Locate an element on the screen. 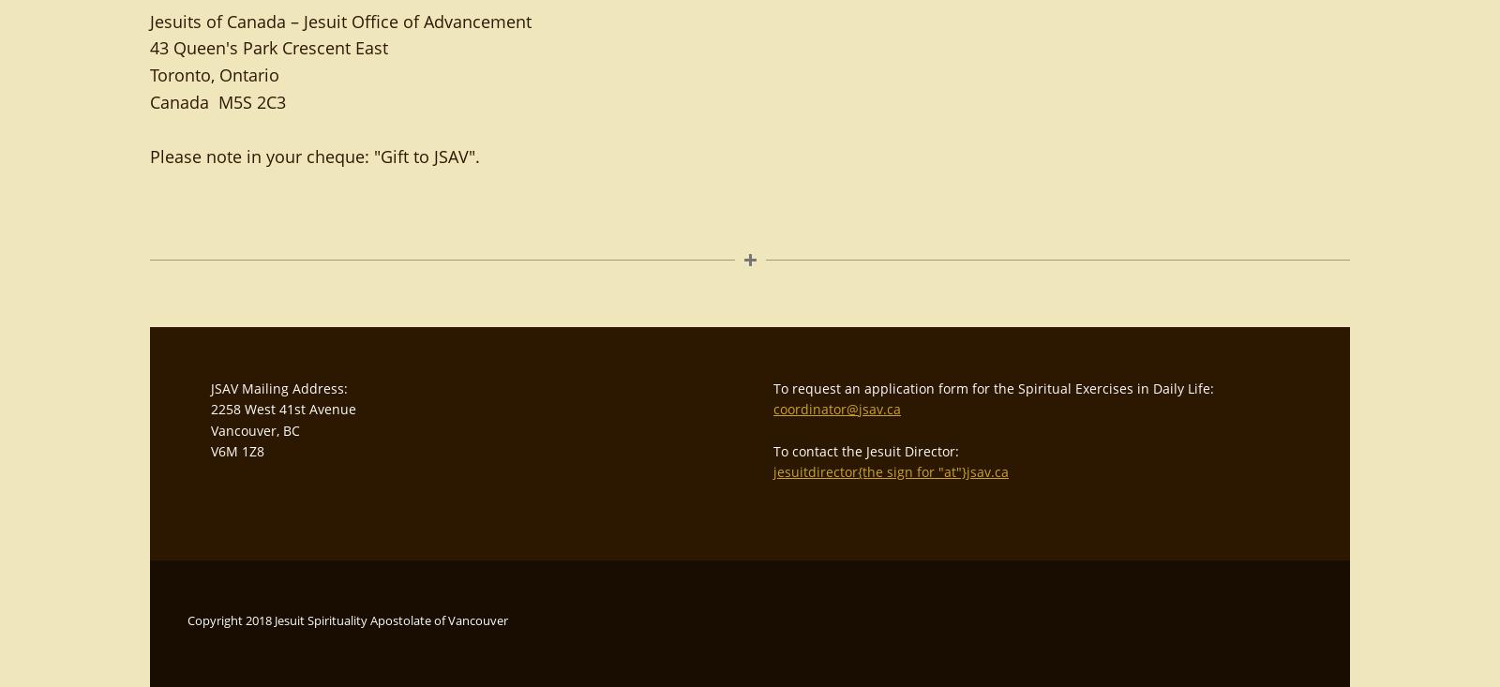 This screenshot has width=1500, height=687. '2258 West 41st Avenue' is located at coordinates (283, 409).